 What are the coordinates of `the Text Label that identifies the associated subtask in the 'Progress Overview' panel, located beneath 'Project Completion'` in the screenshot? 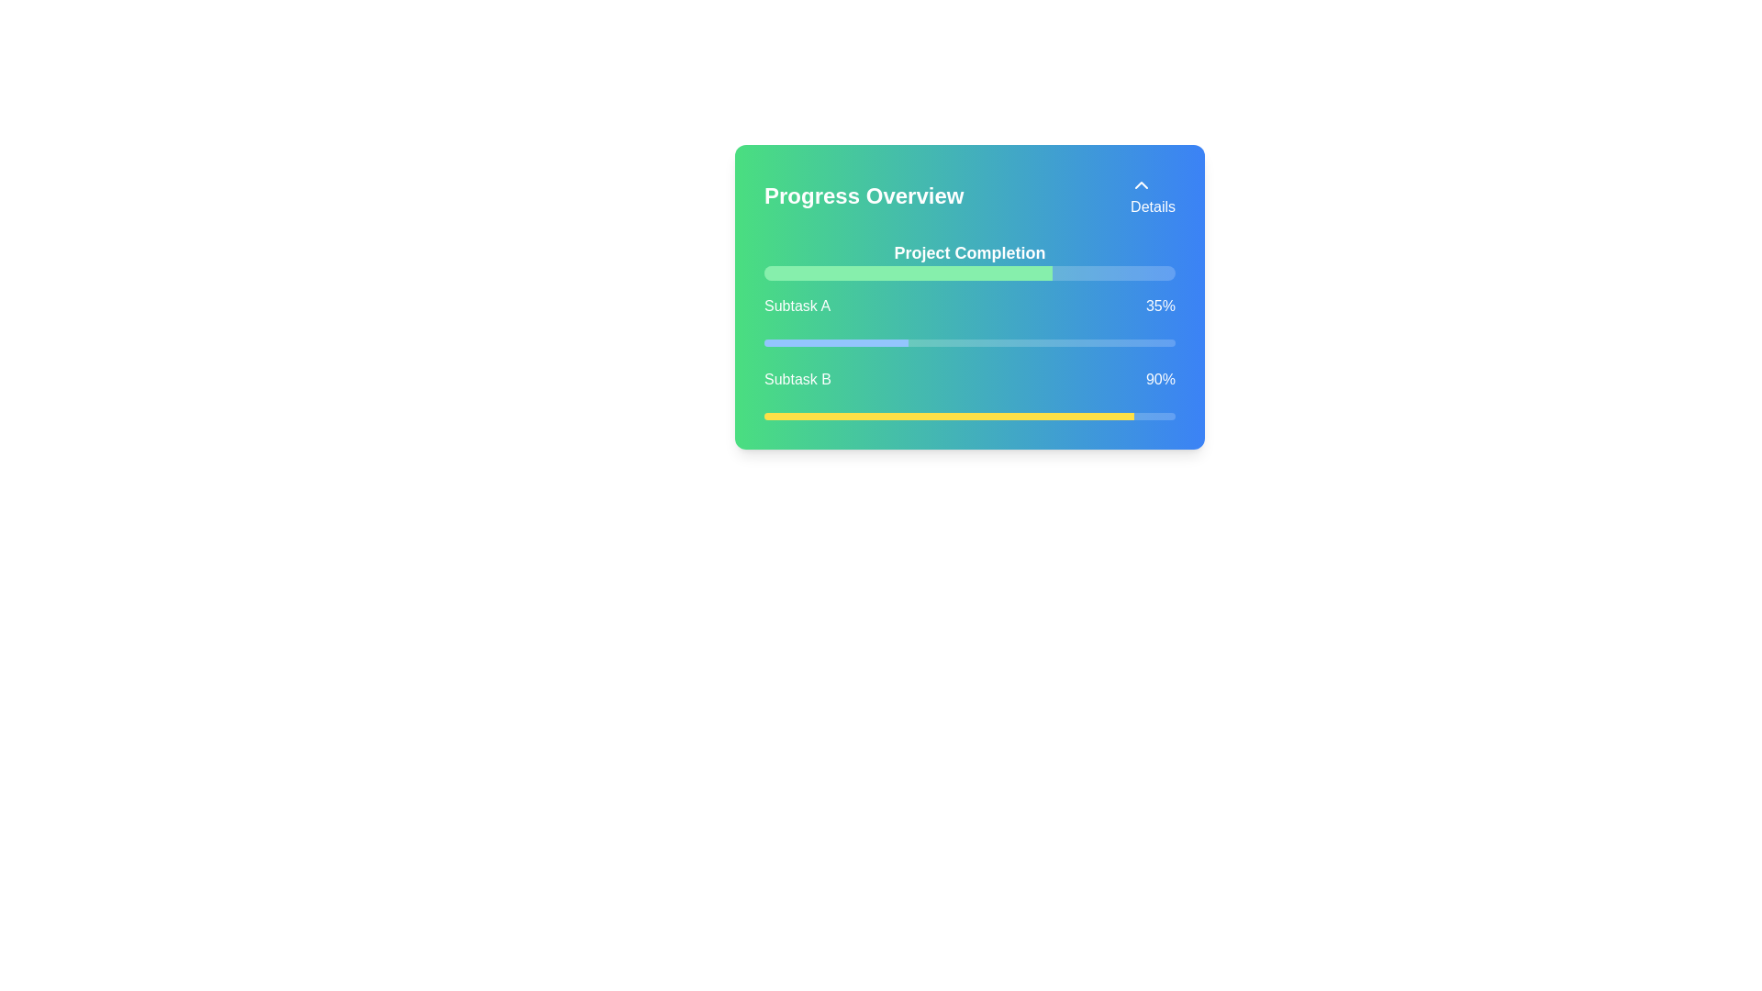 It's located at (797, 378).